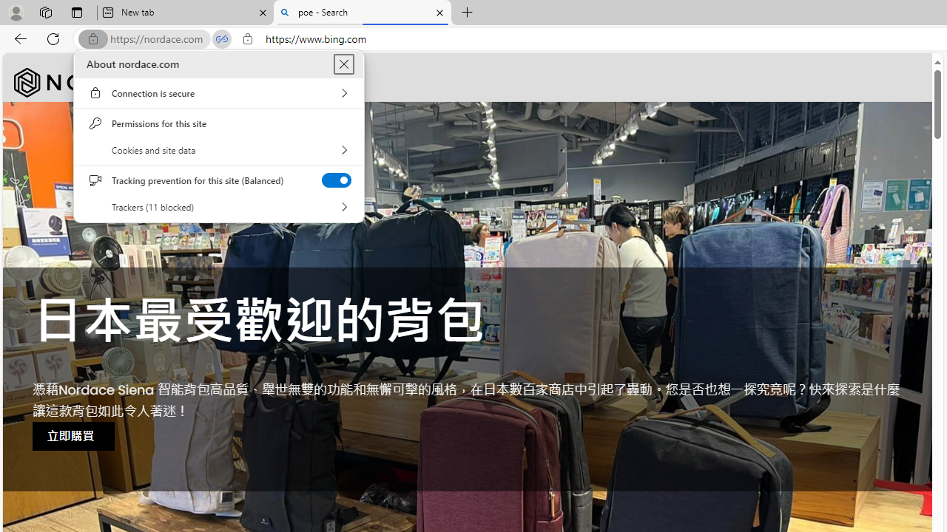  What do you see at coordinates (218, 207) in the screenshot?
I see `'Trackers (11 blocked)'` at bounding box center [218, 207].